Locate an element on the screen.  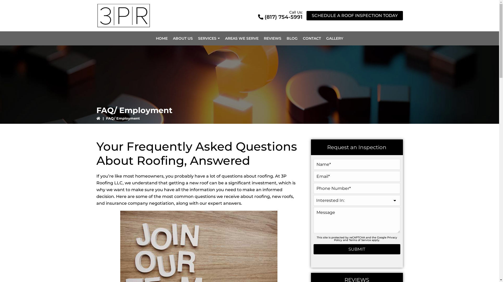
'SERVICES' is located at coordinates (209, 38).